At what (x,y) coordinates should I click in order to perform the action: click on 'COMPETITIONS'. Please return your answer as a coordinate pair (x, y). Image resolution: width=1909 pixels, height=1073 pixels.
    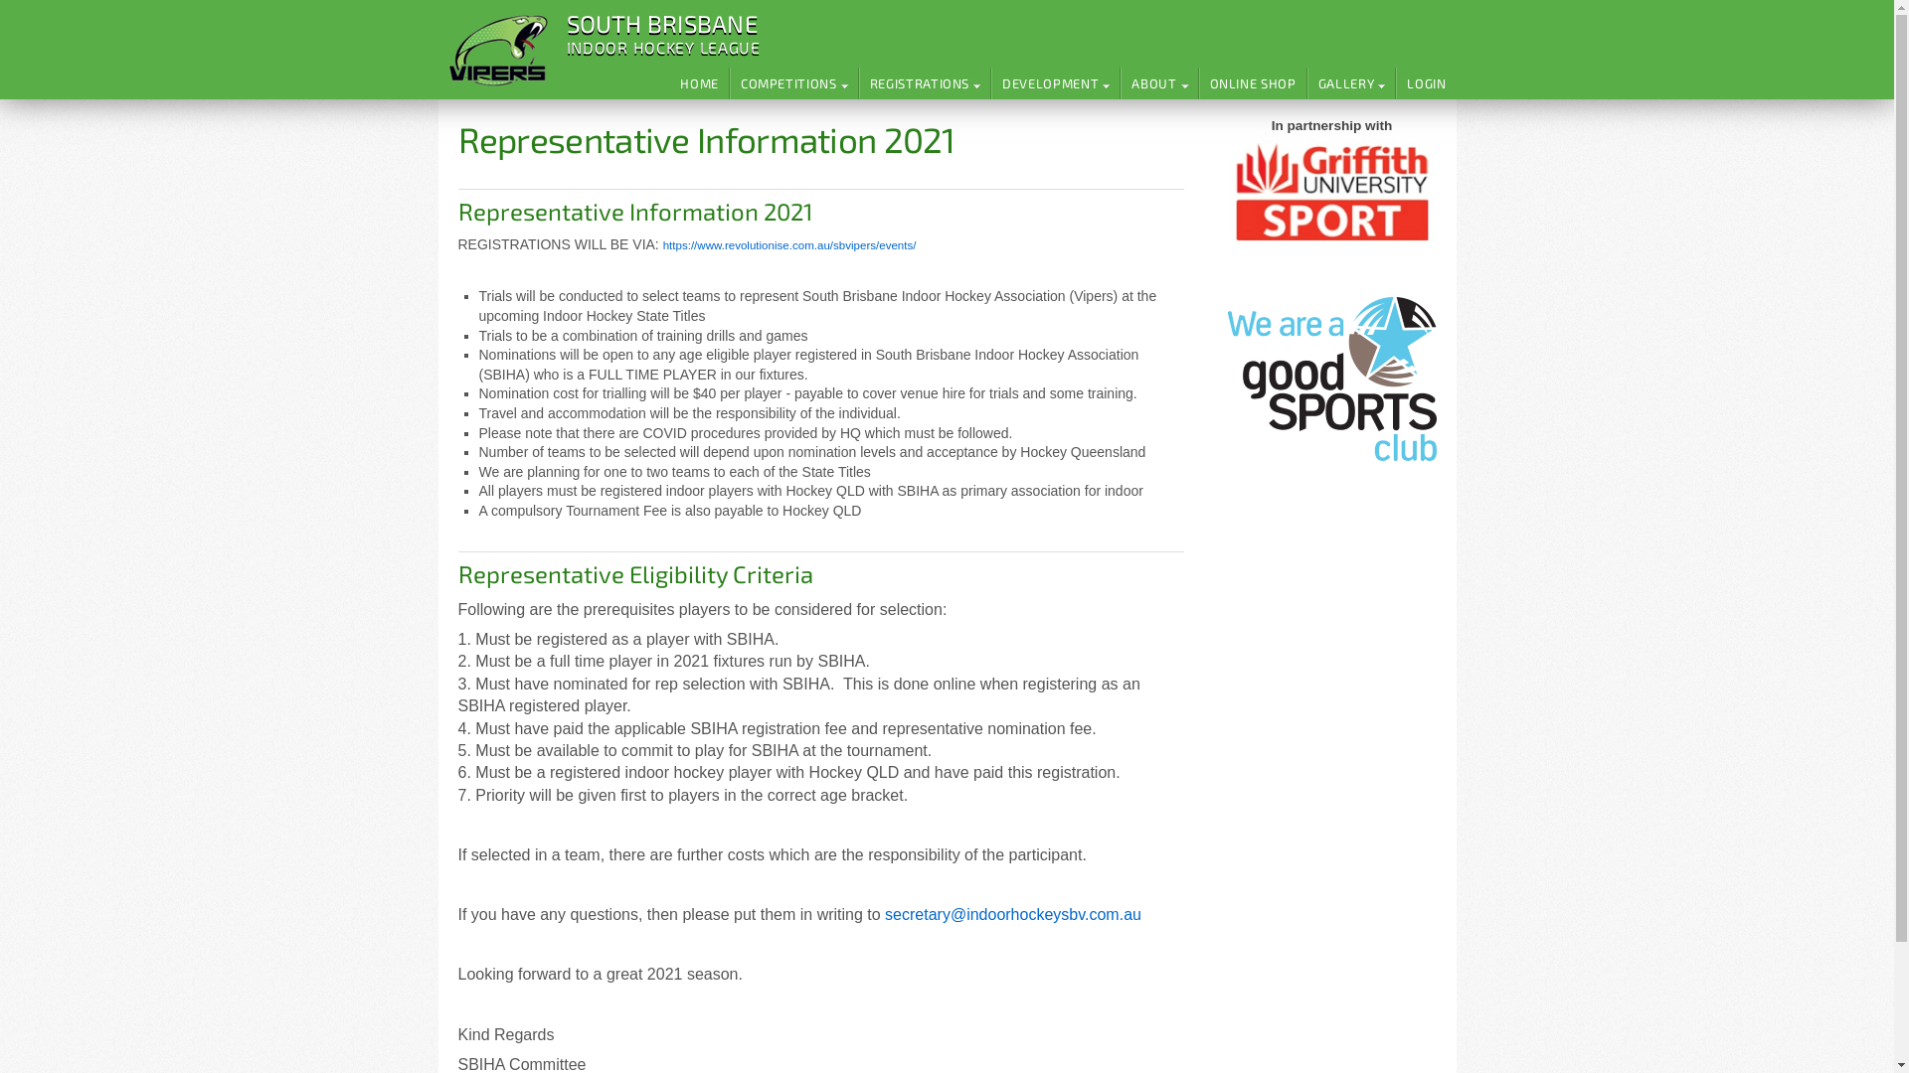
    Looking at the image, I should click on (792, 82).